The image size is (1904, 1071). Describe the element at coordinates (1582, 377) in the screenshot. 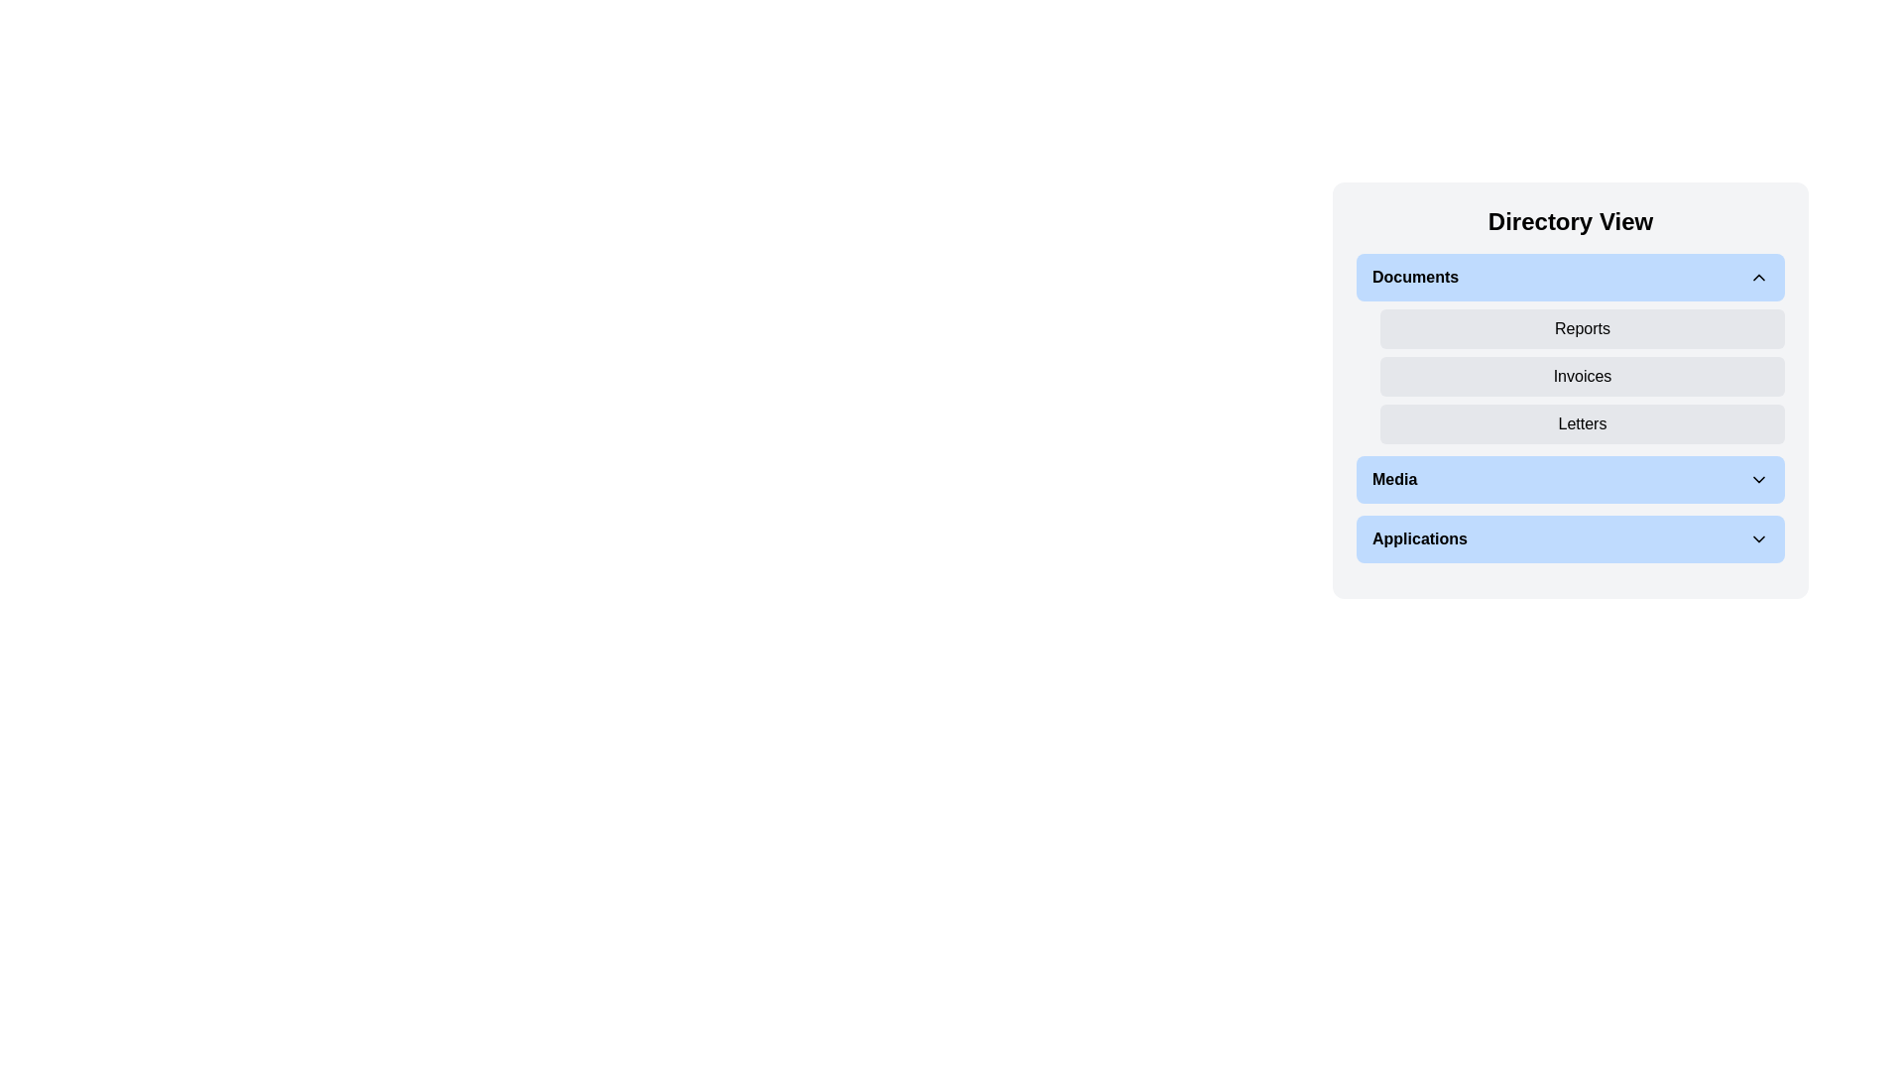

I see `the 'Invoices' button located in the vertical navigation list within the 'Documents' section of the 'Directory View' interface` at that location.